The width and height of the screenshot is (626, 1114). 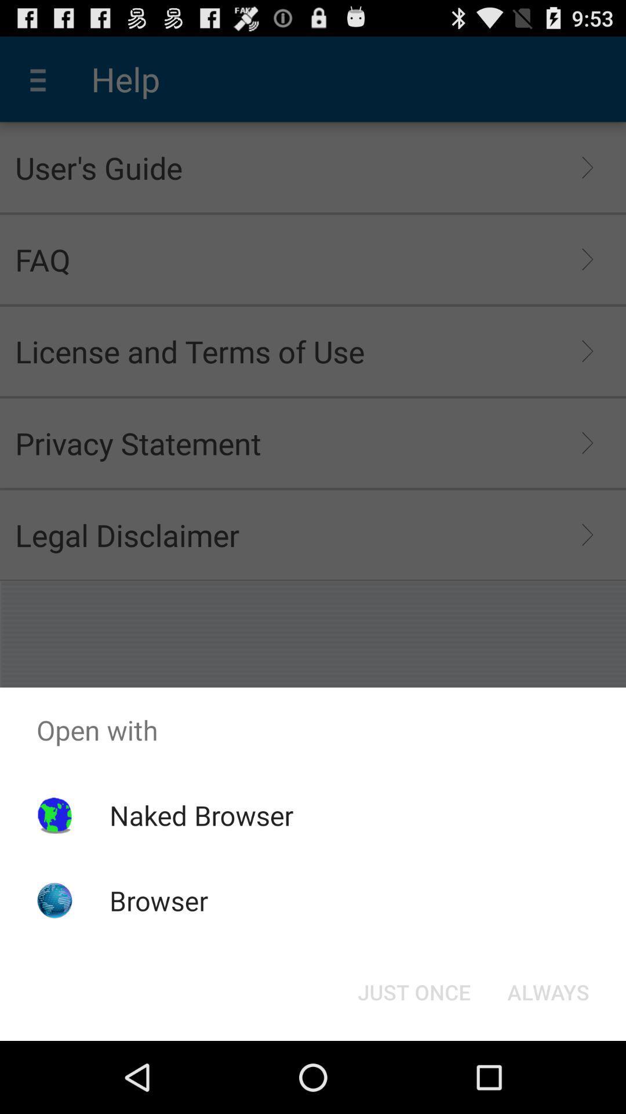 What do you see at coordinates (548, 991) in the screenshot?
I see `the always button` at bounding box center [548, 991].